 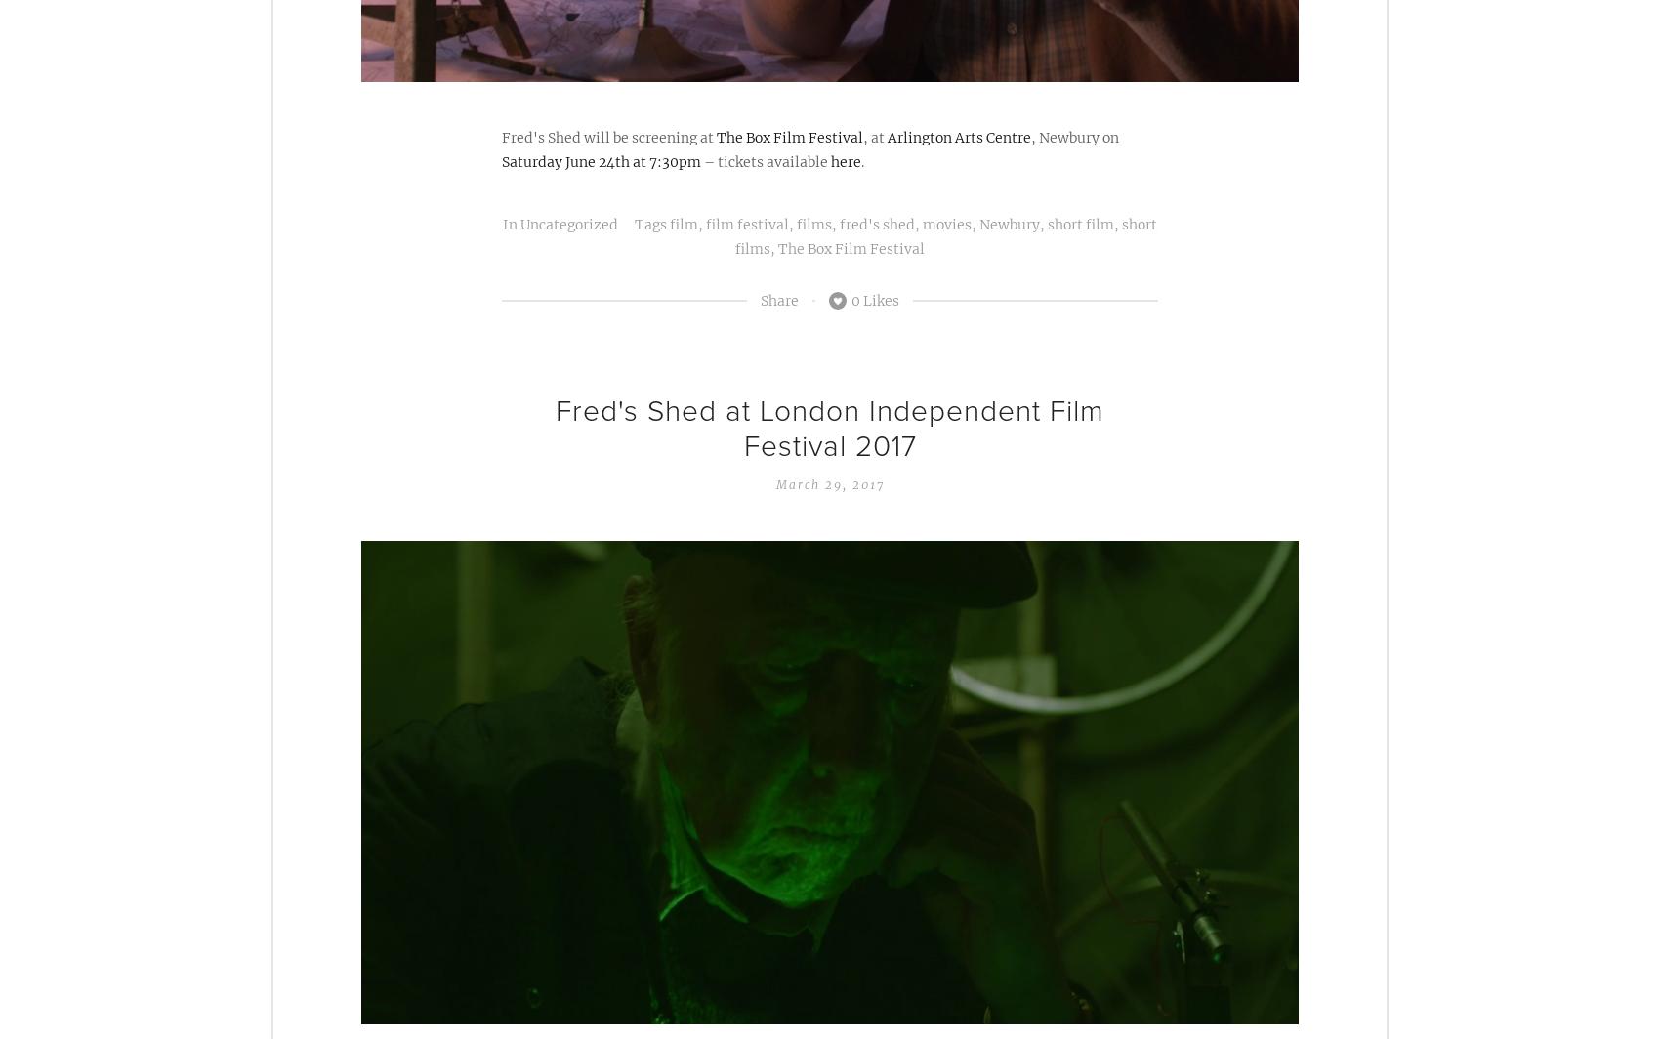 What do you see at coordinates (862, 161) in the screenshot?
I see `'.'` at bounding box center [862, 161].